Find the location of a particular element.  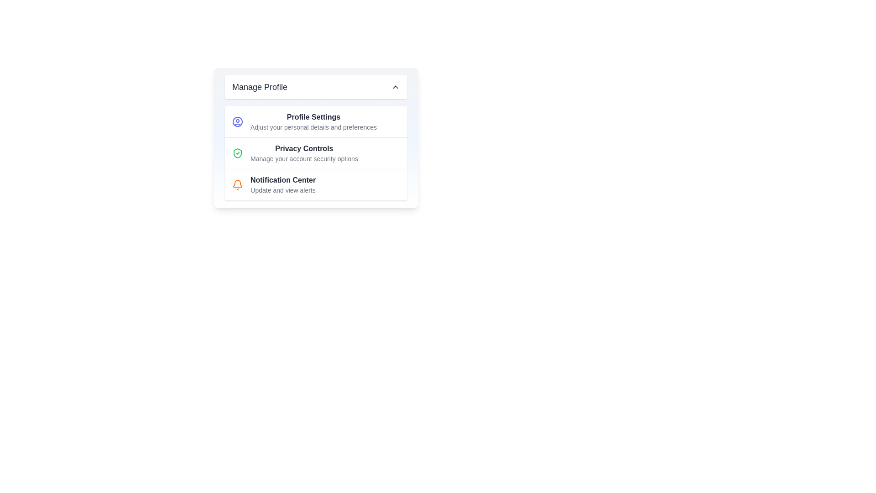

the Text label that serves as a title for adjusting personal details, located above the text 'Adjust your personal details and preferences' under the 'Manage Profile' heading is located at coordinates (313, 117).